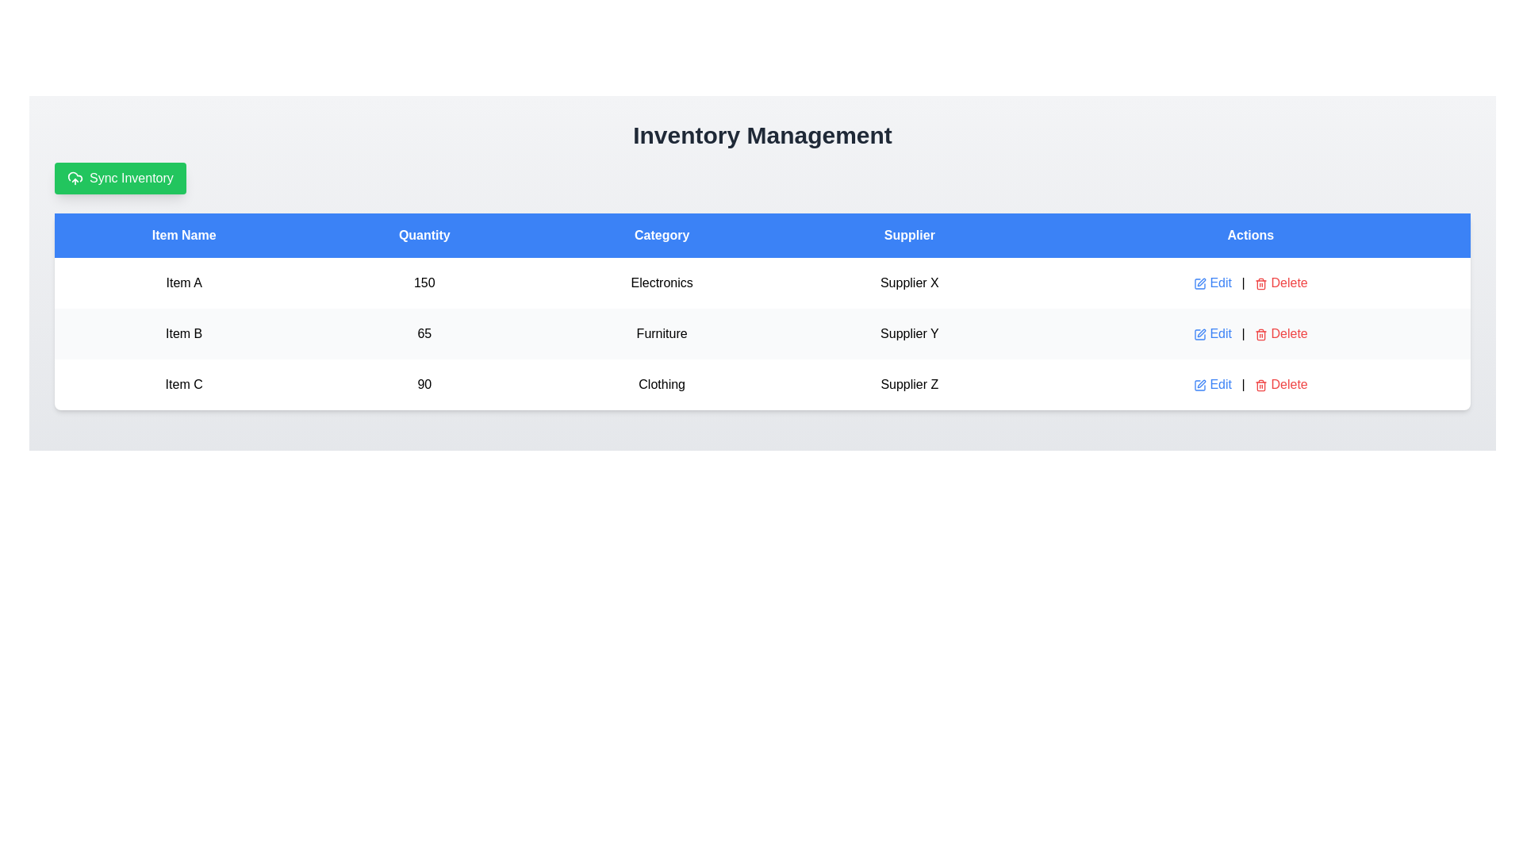  I want to click on the Text Display showing the quantity value for 'Item B' in the second row under the 'Quantity' column, so click(424, 332).